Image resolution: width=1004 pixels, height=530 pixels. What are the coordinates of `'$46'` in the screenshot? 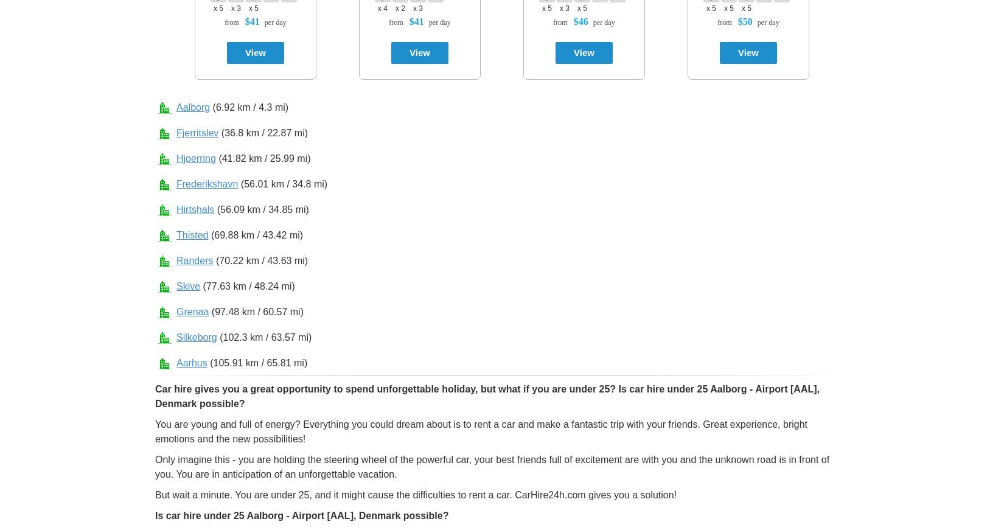 It's located at (580, 21).